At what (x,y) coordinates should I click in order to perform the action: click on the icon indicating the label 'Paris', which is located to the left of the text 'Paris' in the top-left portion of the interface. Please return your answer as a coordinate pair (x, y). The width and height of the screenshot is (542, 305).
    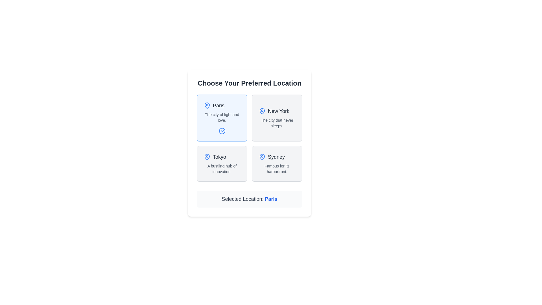
    Looking at the image, I should click on (207, 106).